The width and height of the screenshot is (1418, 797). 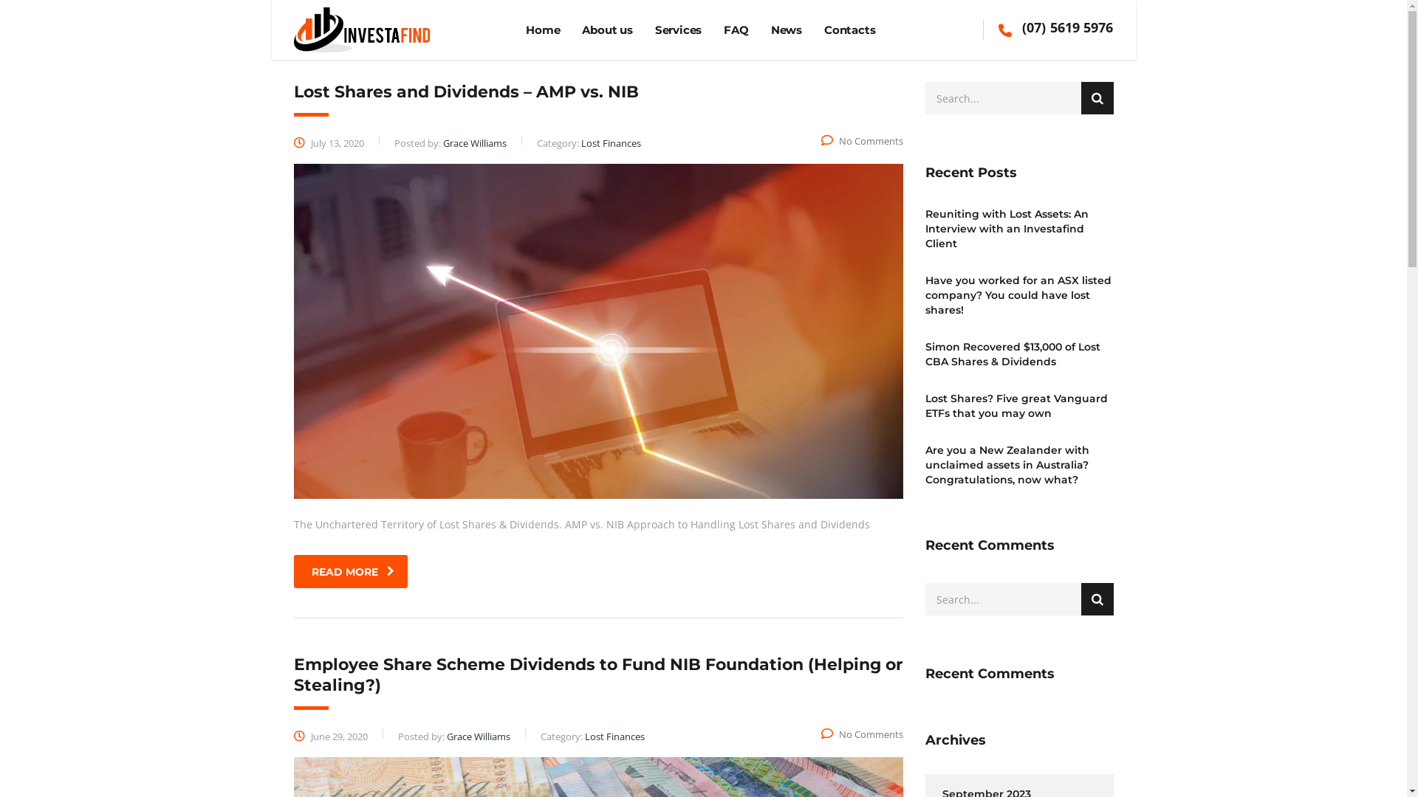 I want to click on 'Contacts', so click(x=849, y=30).